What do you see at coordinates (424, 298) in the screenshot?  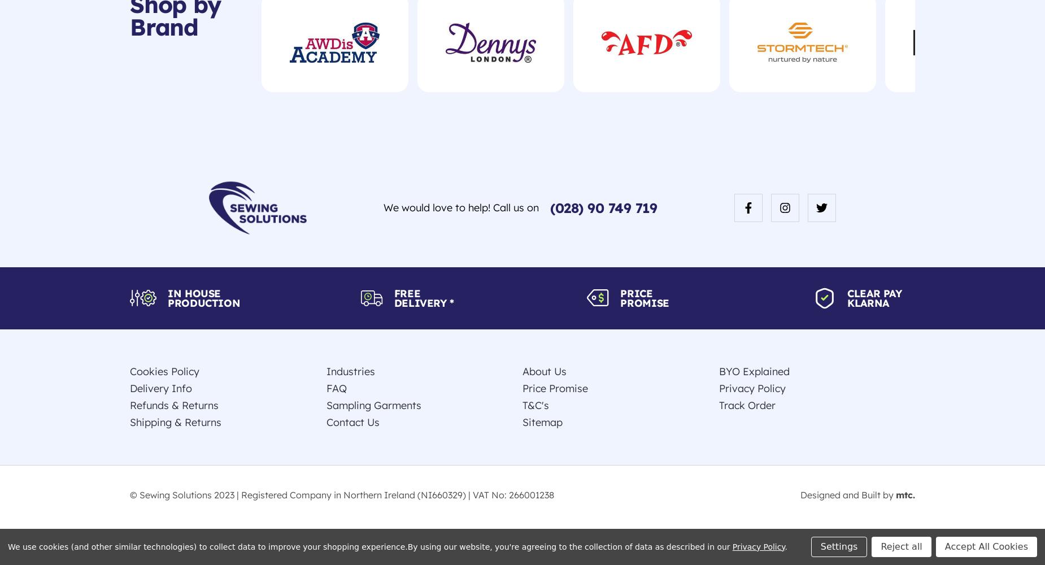 I see `'Free Delivery *'` at bounding box center [424, 298].